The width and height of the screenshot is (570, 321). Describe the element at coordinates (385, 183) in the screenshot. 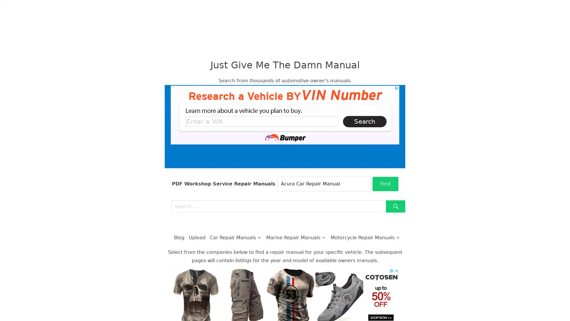

I see `Find` at that location.